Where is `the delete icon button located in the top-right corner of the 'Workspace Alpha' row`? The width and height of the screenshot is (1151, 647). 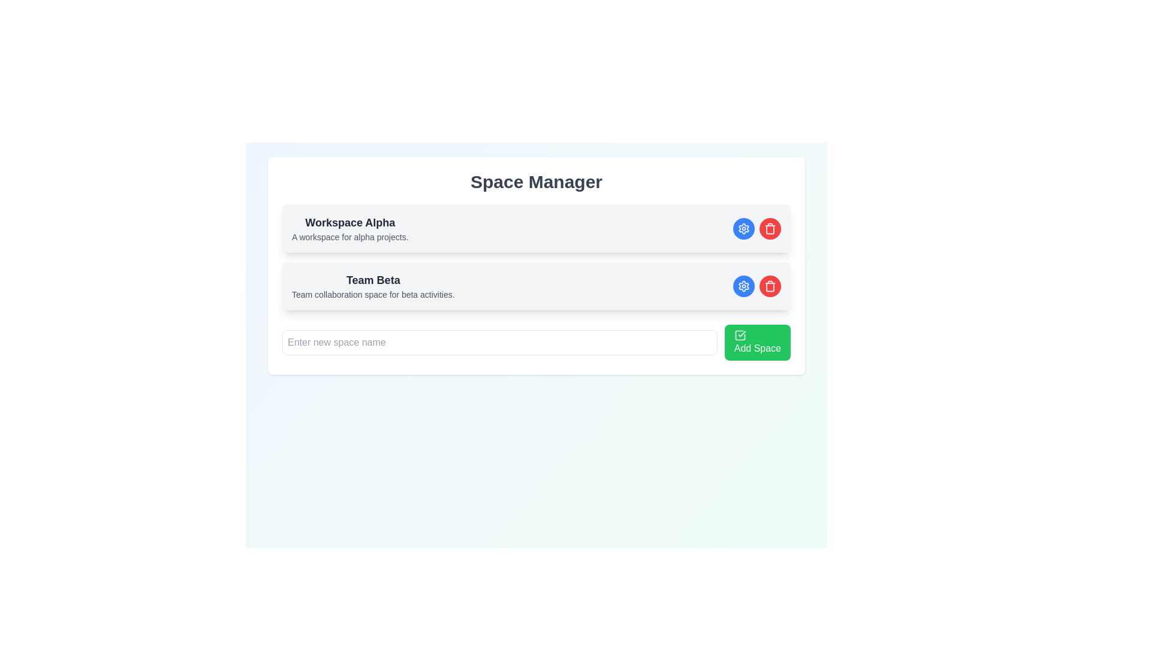 the delete icon button located in the top-right corner of the 'Workspace Alpha' row is located at coordinates (770, 228).